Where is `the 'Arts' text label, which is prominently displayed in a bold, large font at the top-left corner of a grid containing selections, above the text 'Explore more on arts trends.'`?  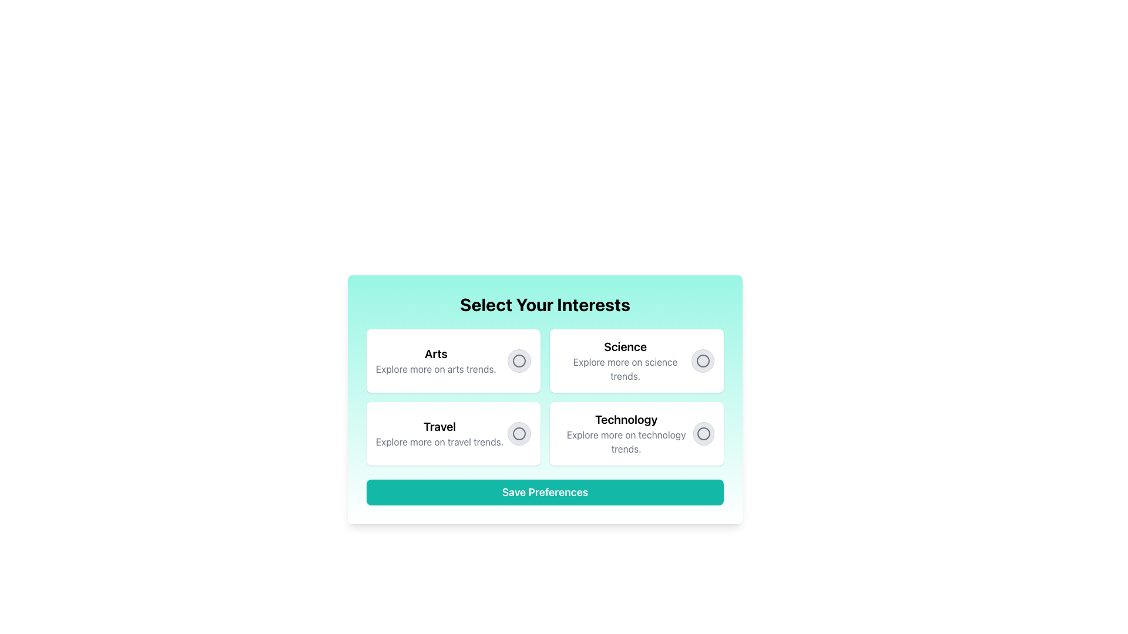 the 'Arts' text label, which is prominently displayed in a bold, large font at the top-left corner of a grid containing selections, above the text 'Explore more on arts trends.' is located at coordinates (435, 353).